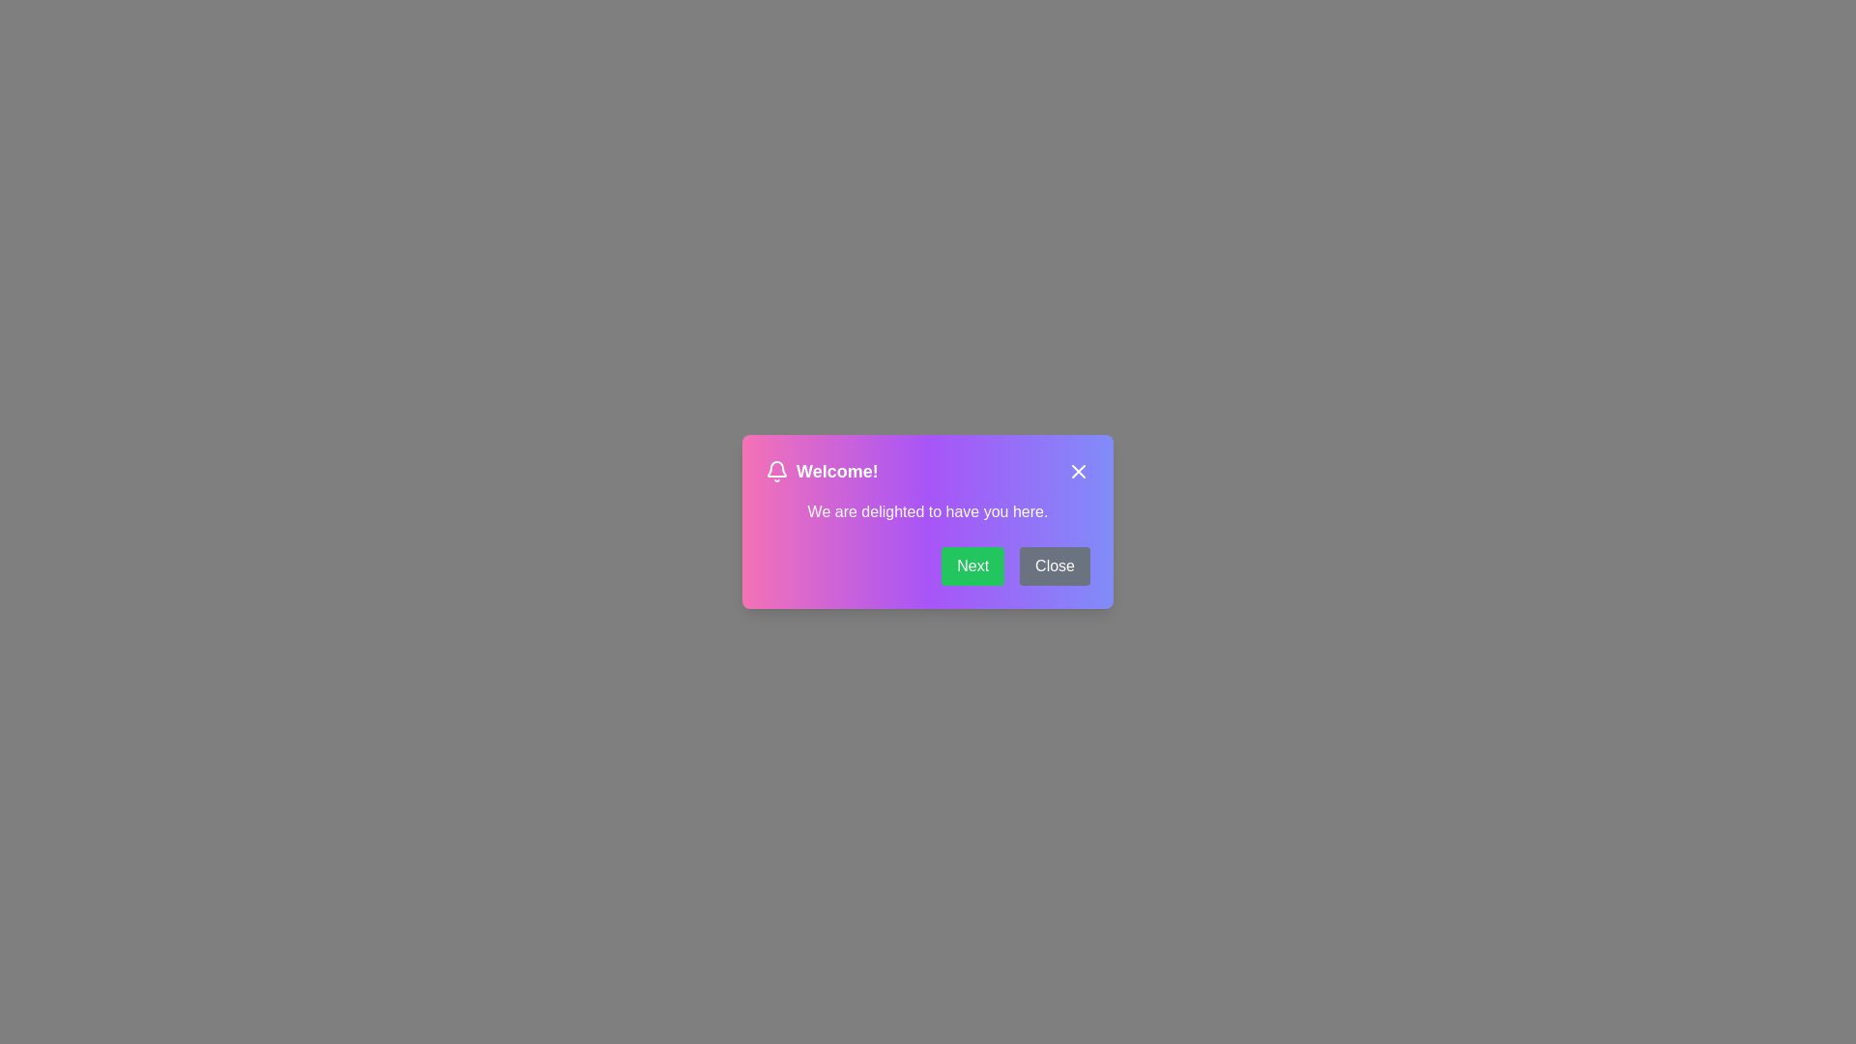 The height and width of the screenshot is (1044, 1856). What do you see at coordinates (1054, 565) in the screenshot?
I see `the Close button to interact with the notification dialog` at bounding box center [1054, 565].